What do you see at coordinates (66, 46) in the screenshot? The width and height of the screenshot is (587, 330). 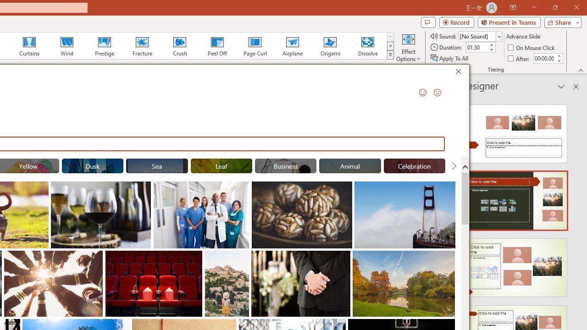 I see `'Wind'` at bounding box center [66, 46].